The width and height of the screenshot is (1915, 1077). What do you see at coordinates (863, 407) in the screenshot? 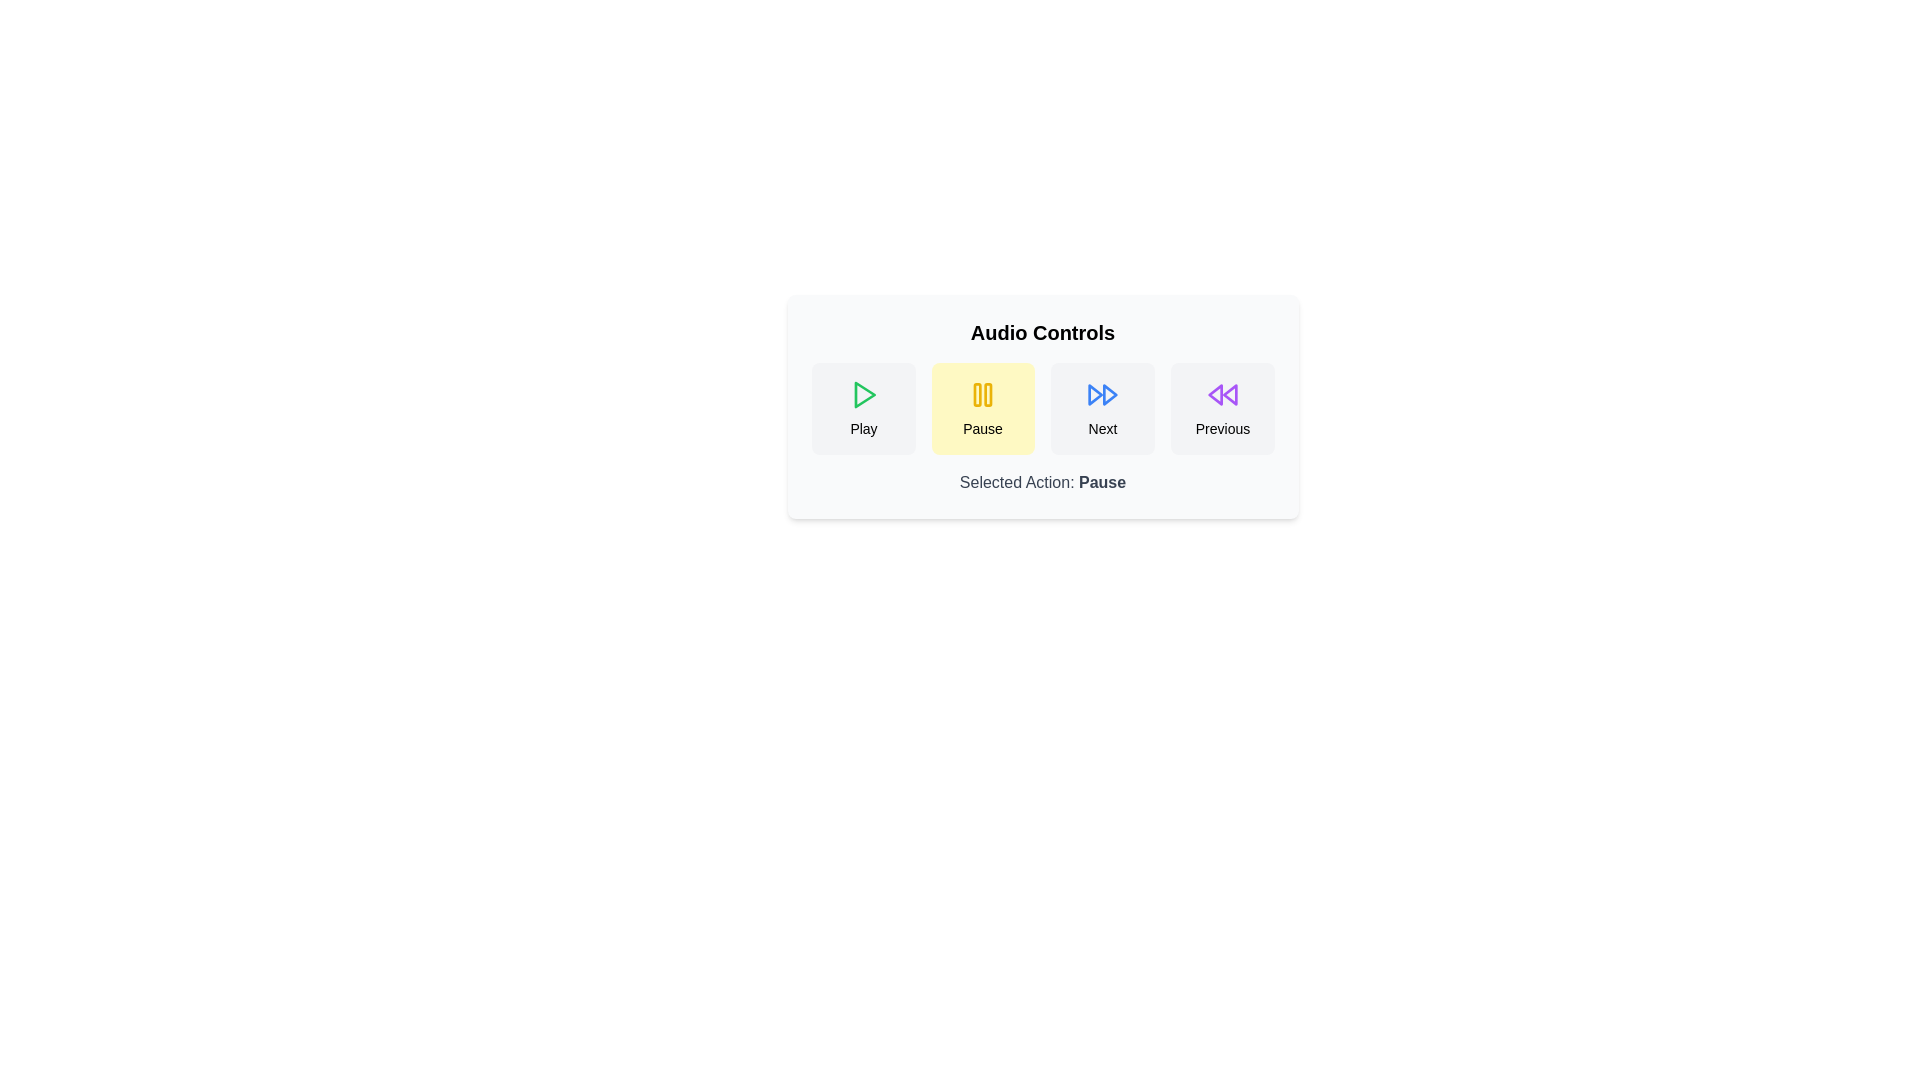
I see `the action Play by clicking on the corresponding button` at bounding box center [863, 407].